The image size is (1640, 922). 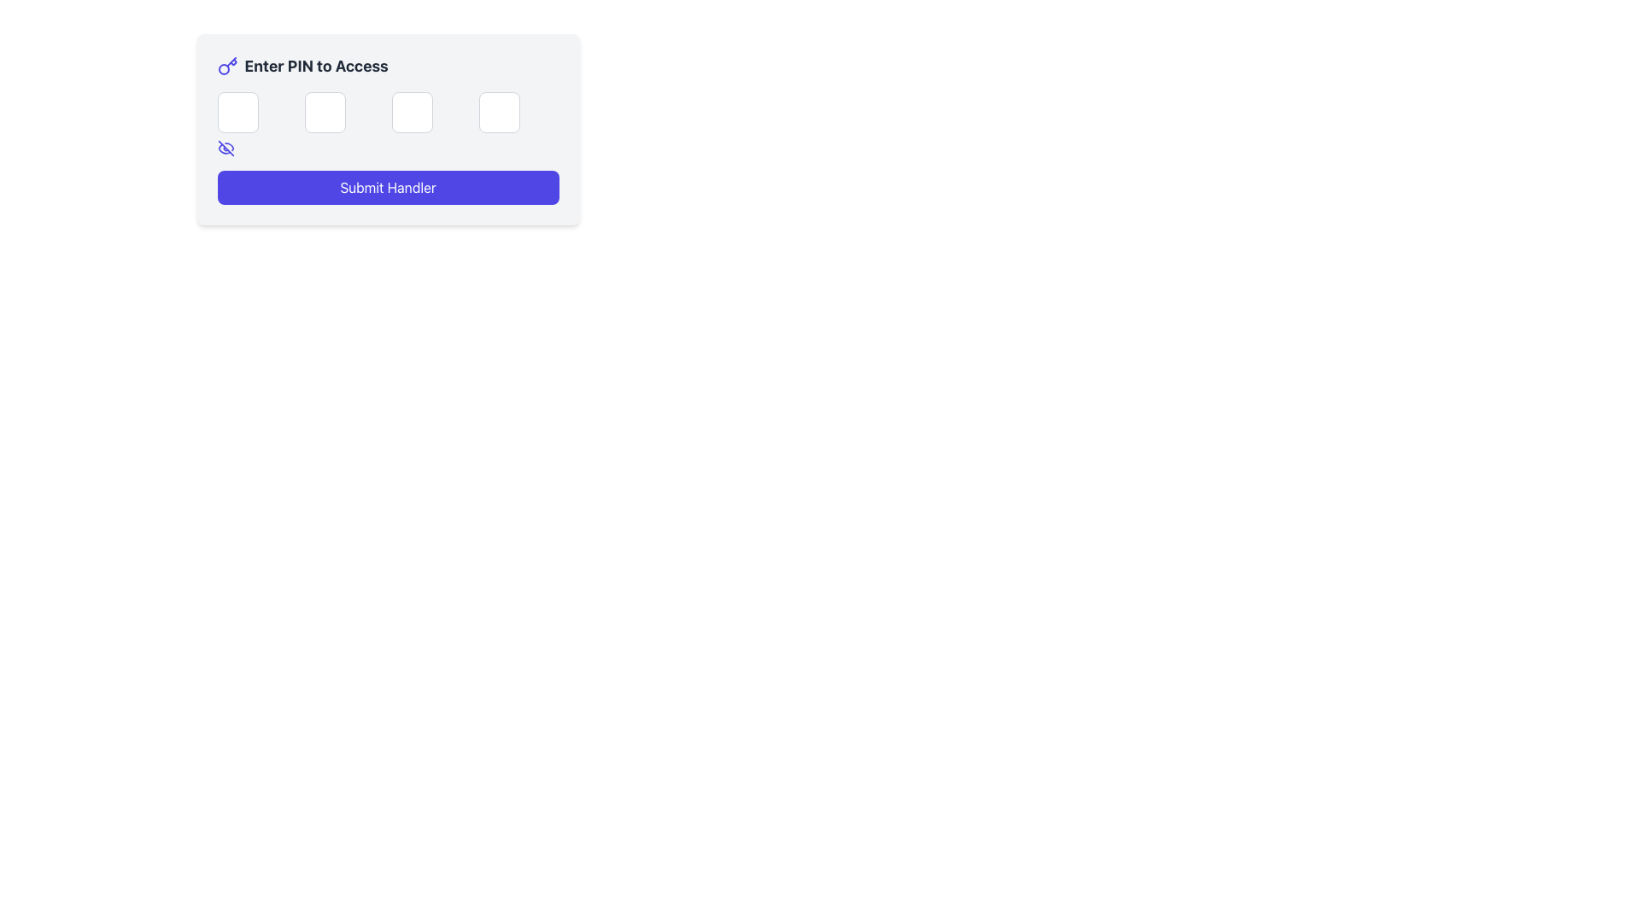 What do you see at coordinates (325, 112) in the screenshot?
I see `the second input field for entering a single character of the PIN code to focus on it` at bounding box center [325, 112].